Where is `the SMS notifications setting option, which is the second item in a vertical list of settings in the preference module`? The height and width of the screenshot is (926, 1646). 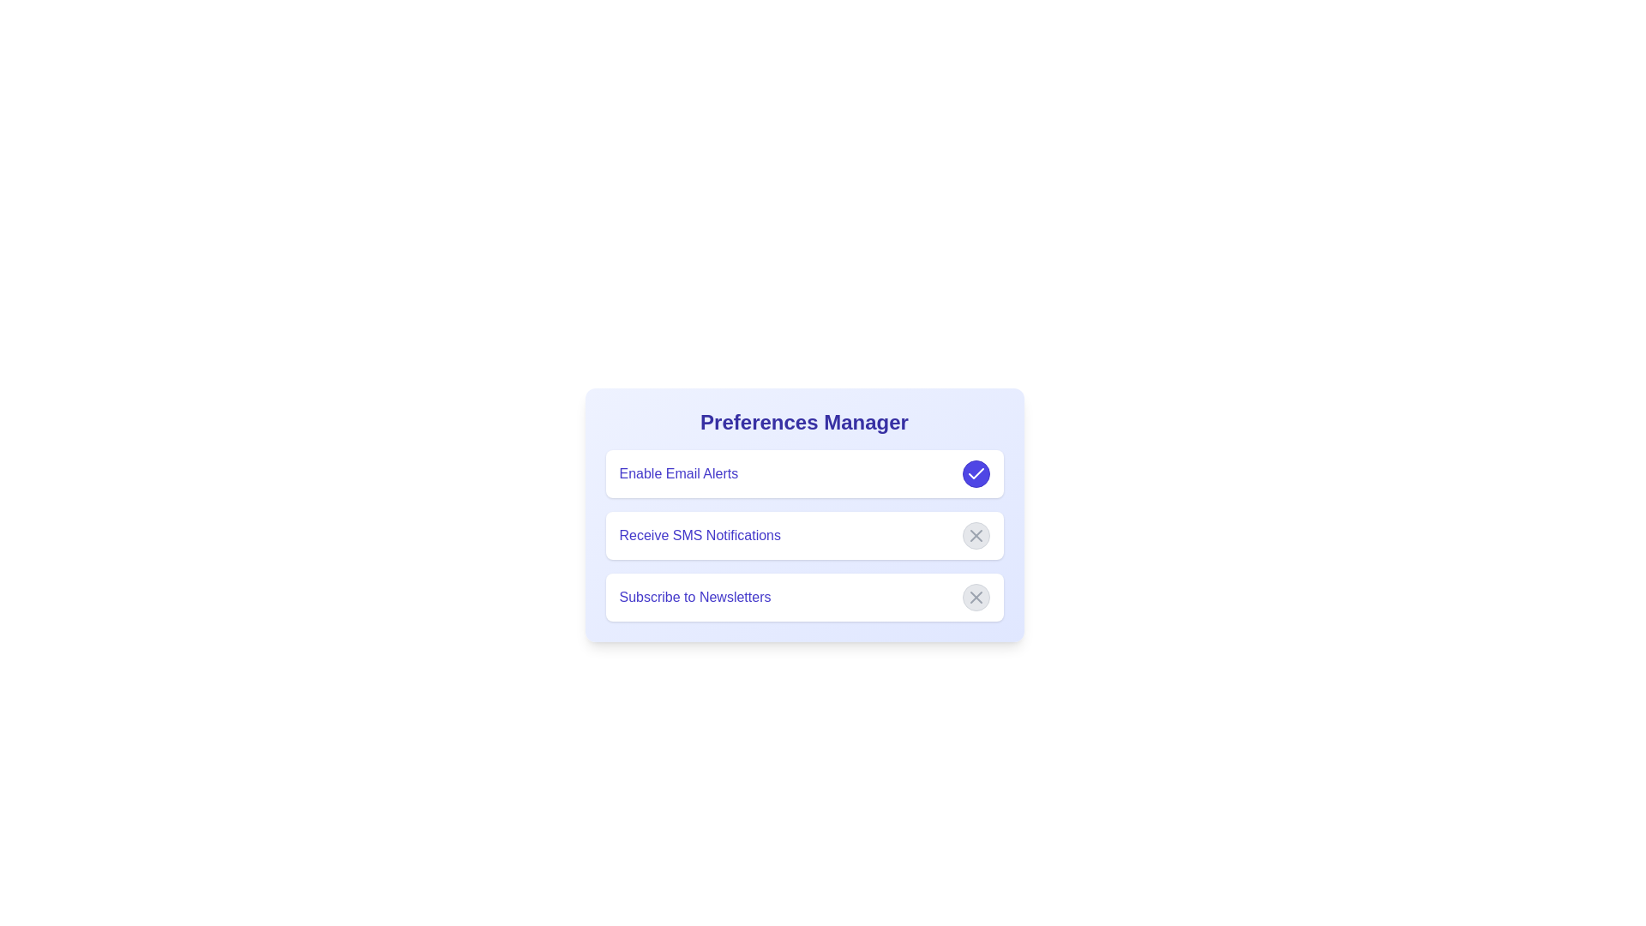 the SMS notifications setting option, which is the second item in a vertical list of settings in the preference module is located at coordinates (803, 534).